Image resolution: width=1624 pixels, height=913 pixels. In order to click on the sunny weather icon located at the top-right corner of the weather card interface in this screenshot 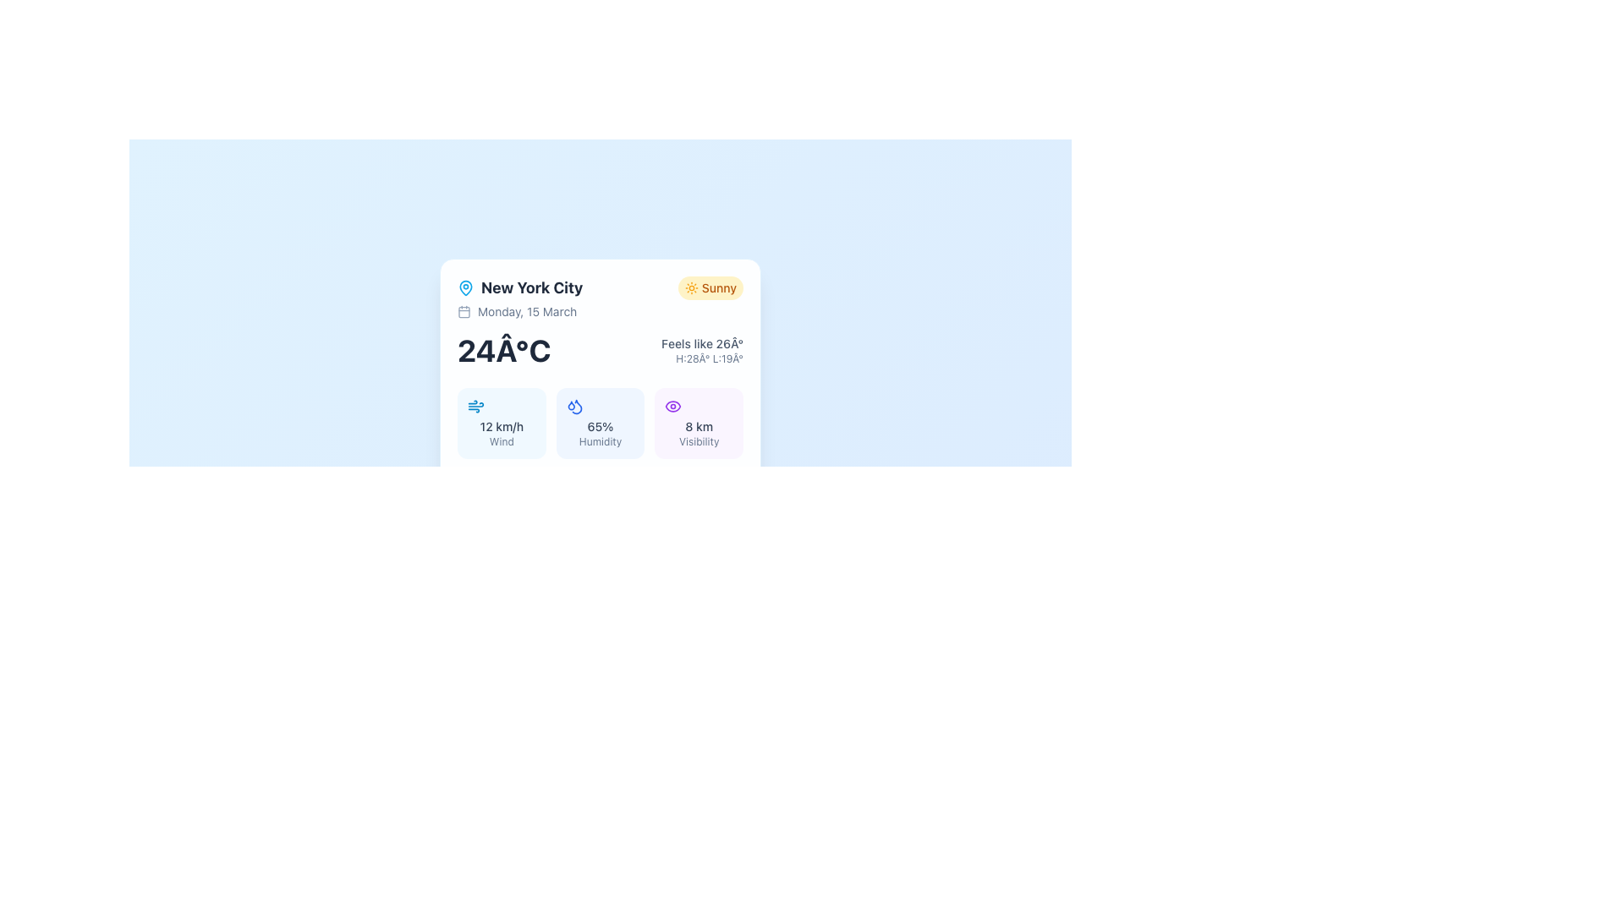, I will do `click(691, 287)`.